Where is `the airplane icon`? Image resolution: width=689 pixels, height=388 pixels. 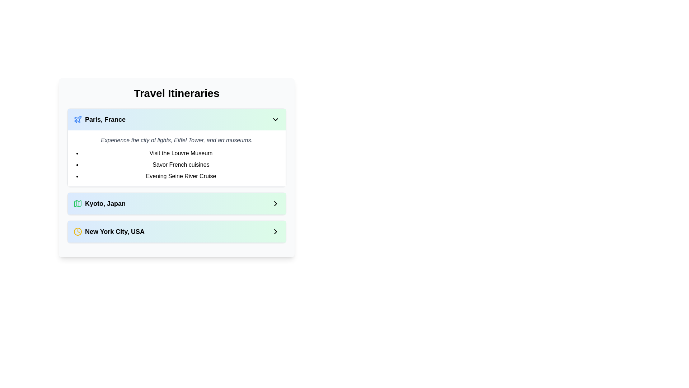 the airplane icon is located at coordinates (78, 119).